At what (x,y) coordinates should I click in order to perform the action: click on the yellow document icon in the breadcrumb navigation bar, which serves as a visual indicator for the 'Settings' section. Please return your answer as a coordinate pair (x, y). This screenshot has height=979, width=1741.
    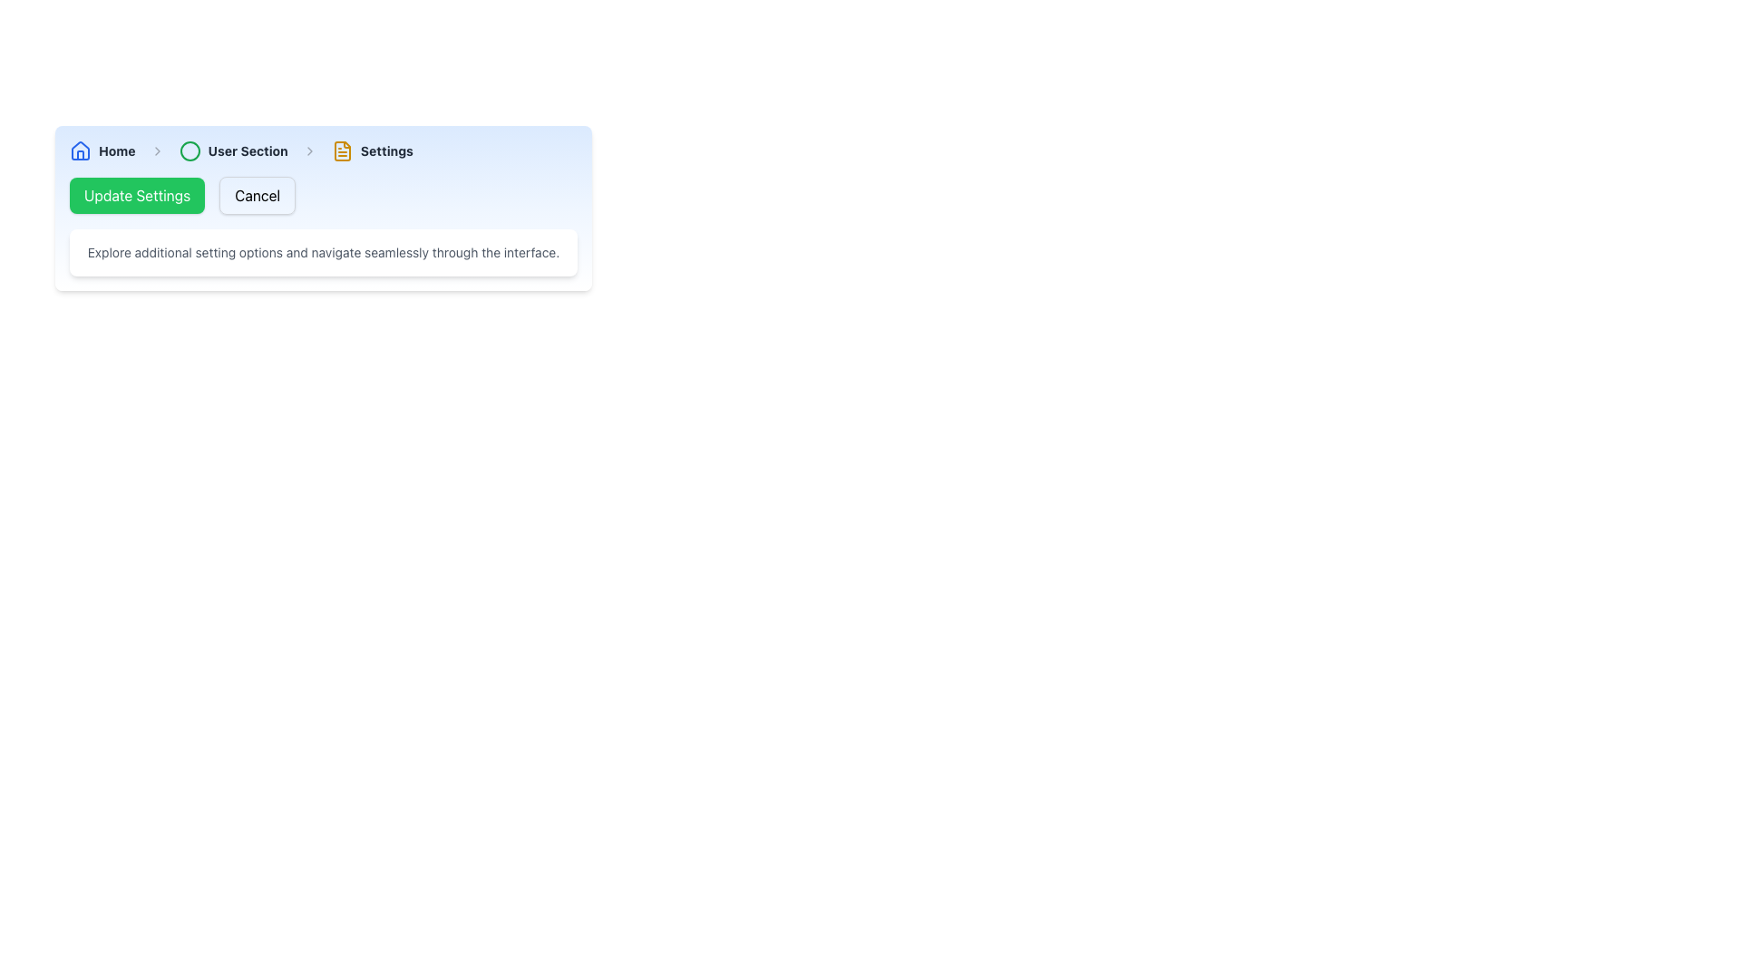
    Looking at the image, I should click on (342, 150).